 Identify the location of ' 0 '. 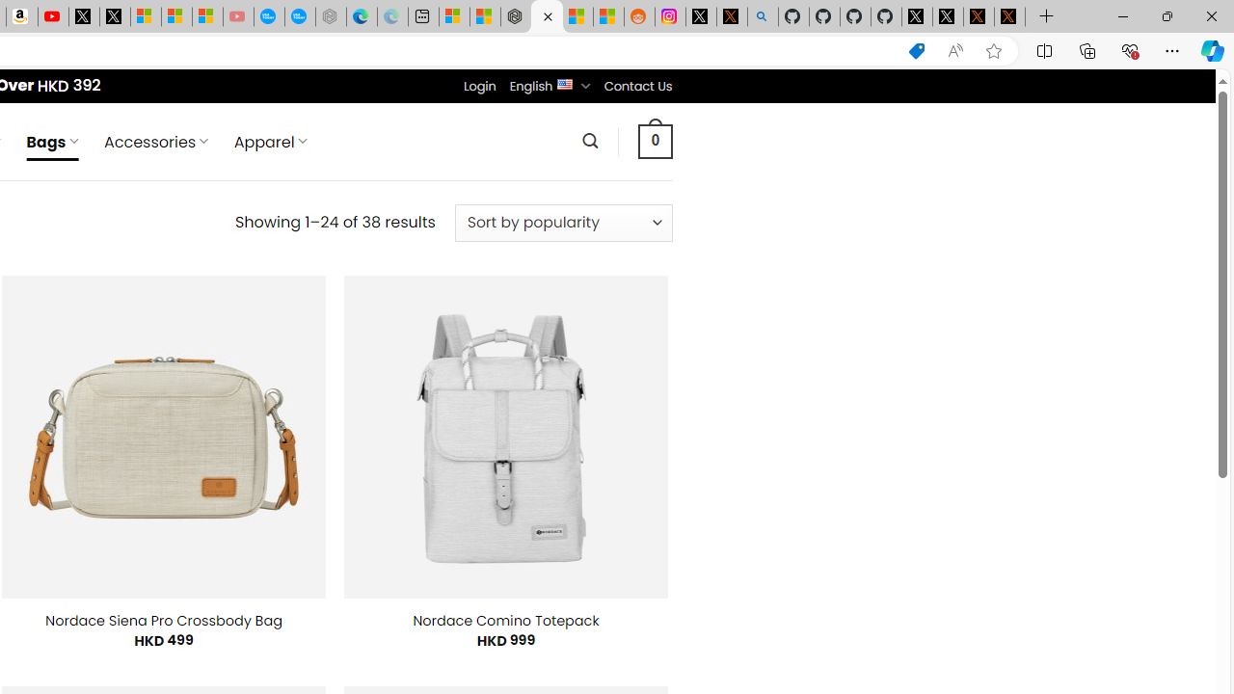
(655, 140).